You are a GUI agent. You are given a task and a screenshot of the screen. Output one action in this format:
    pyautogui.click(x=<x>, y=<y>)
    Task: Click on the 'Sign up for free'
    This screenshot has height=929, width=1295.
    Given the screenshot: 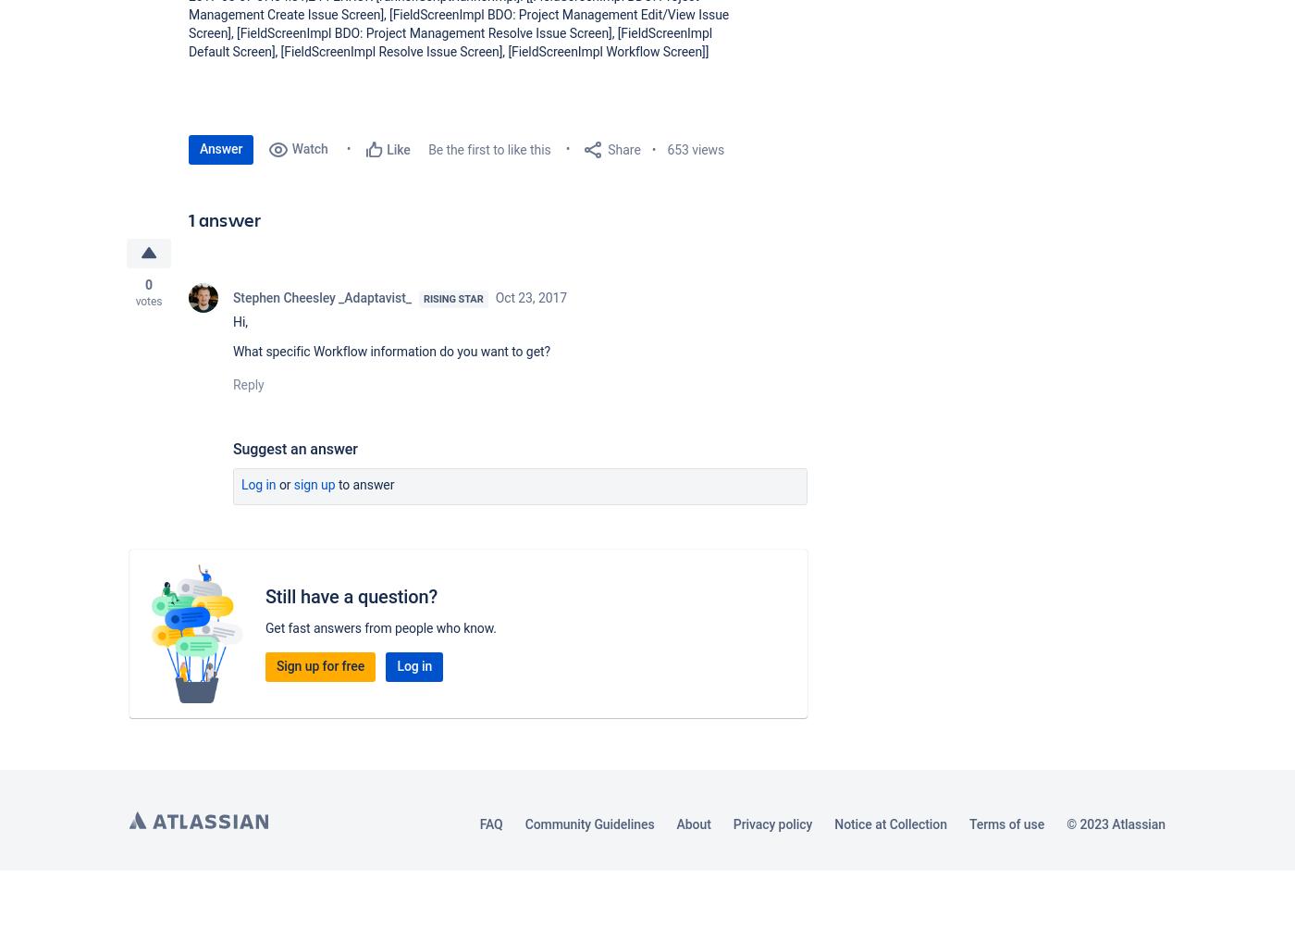 What is the action you would take?
    pyautogui.click(x=276, y=664)
    